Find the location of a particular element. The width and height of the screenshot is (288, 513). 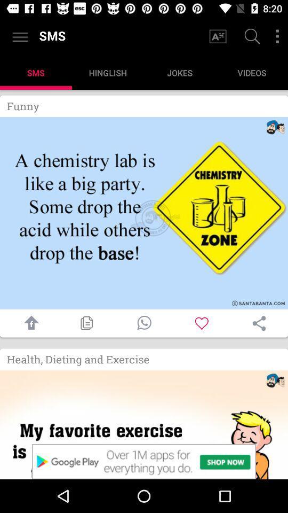

upload to facebook is located at coordinates (29, 323).